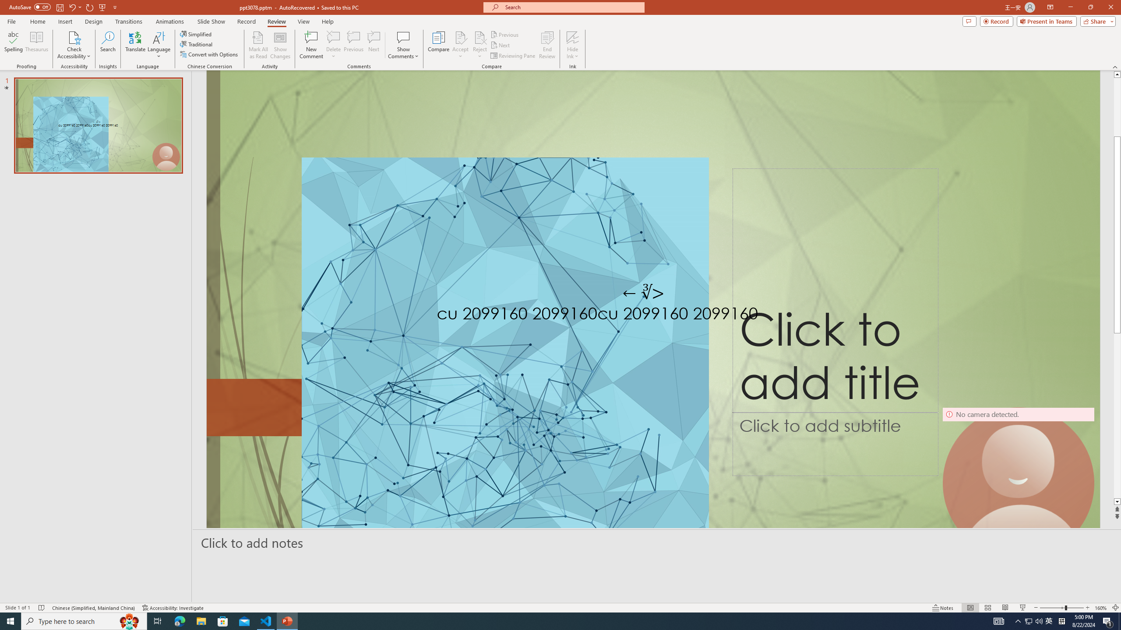 This screenshot has height=630, width=1121. Describe the element at coordinates (276, 21) in the screenshot. I see `'Review'` at that location.